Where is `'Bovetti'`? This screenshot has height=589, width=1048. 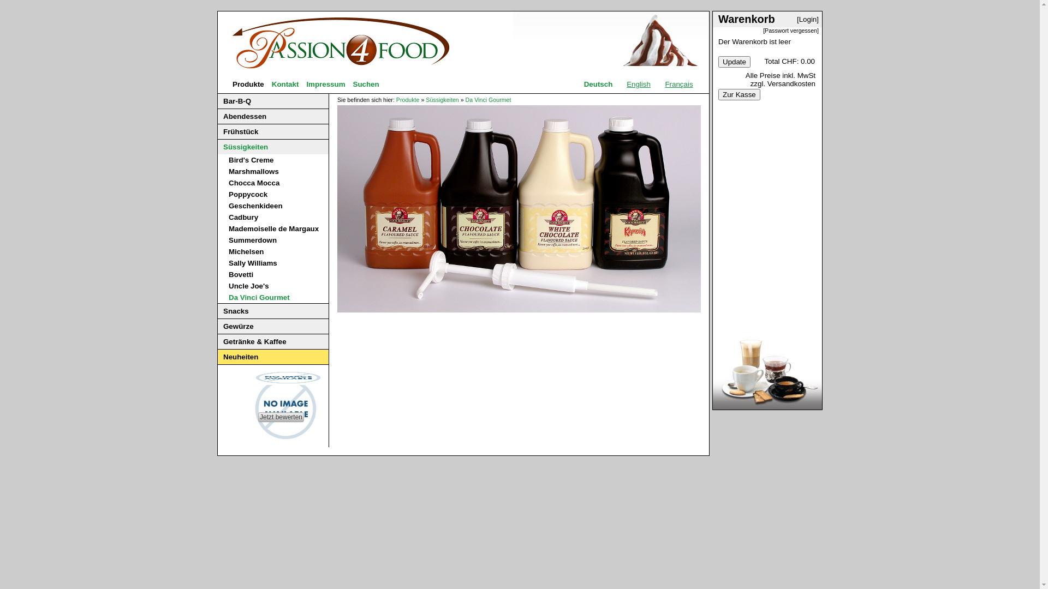
'Bovetti' is located at coordinates (240, 274).